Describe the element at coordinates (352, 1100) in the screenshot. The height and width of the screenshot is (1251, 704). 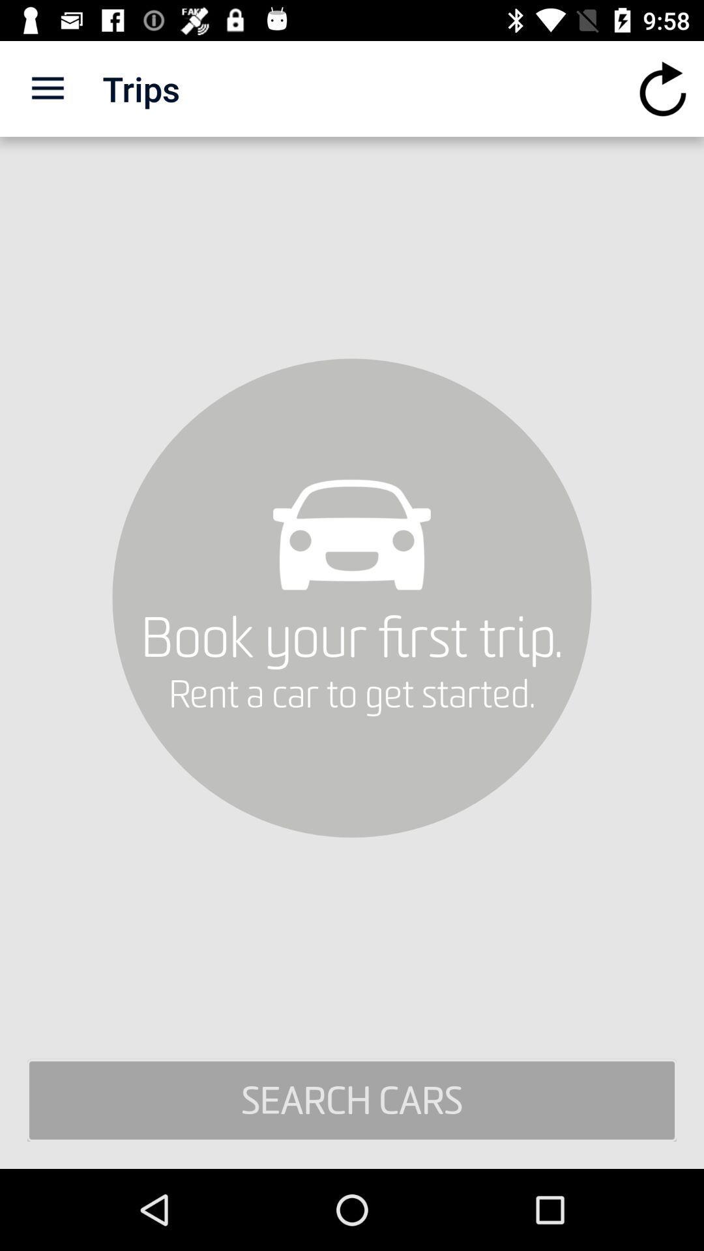
I see `item below the book your first item` at that location.